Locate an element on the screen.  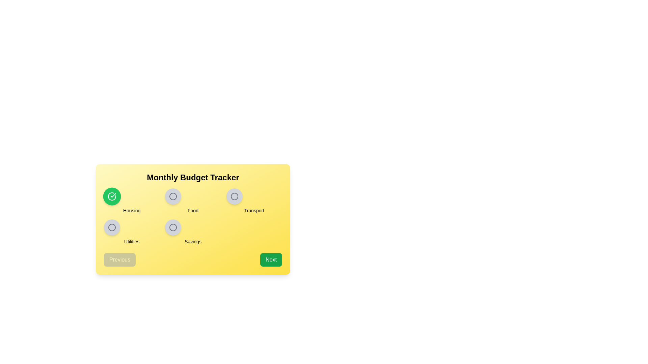
the second circular radio button labeled 'Food' in the upper row of the yellow card titled 'Monthly Budget Tracker' is located at coordinates (173, 196).